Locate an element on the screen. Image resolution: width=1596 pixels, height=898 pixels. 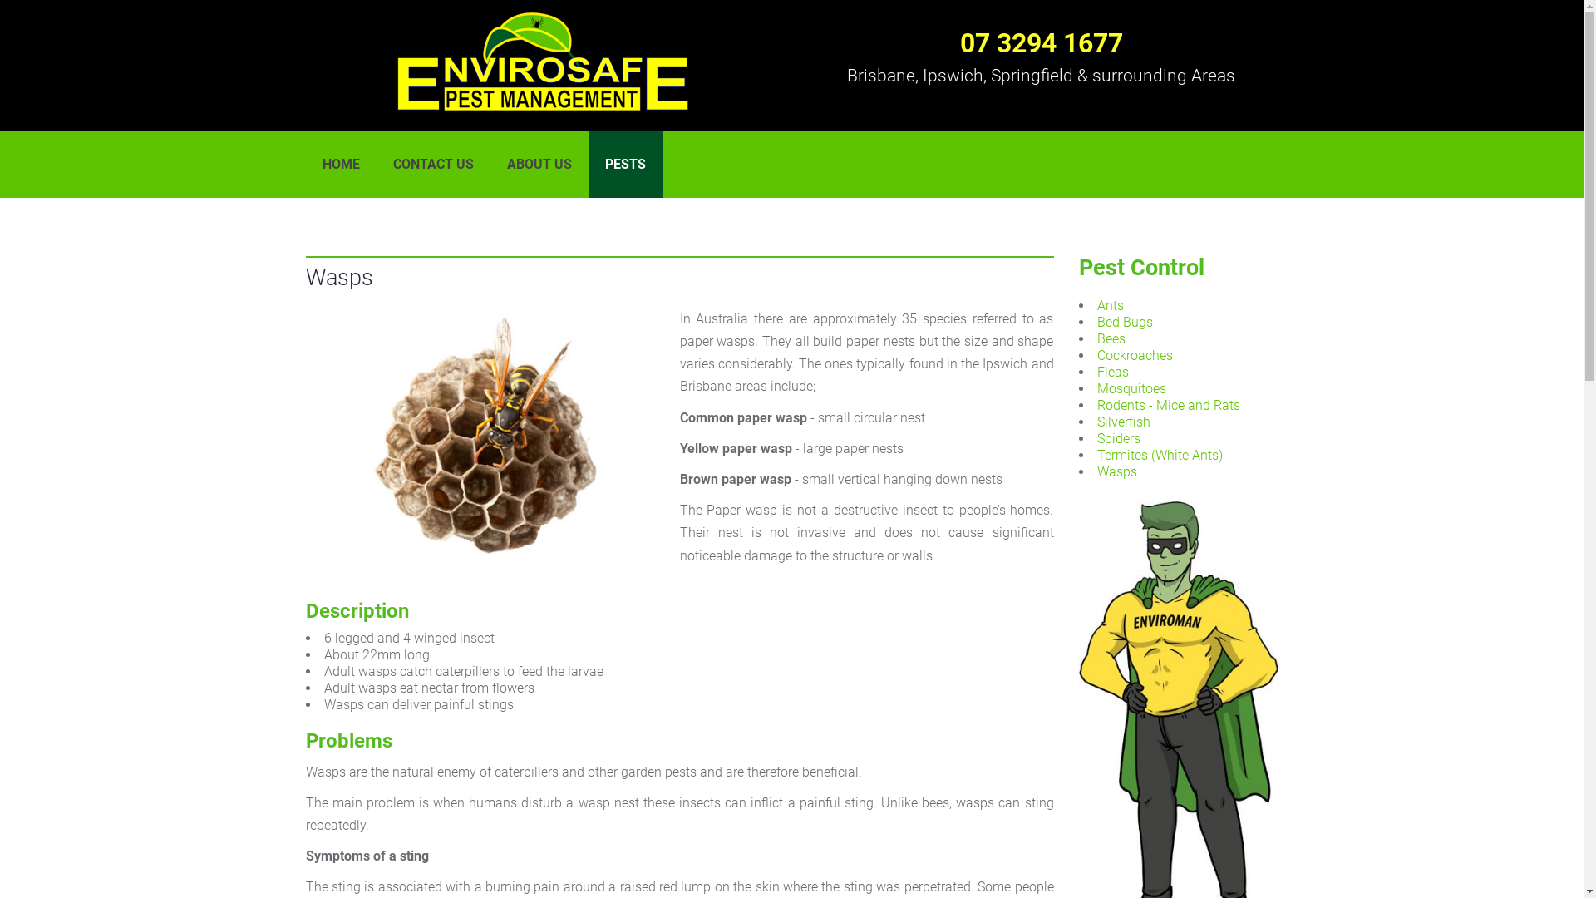
'PESTS' is located at coordinates (624, 164).